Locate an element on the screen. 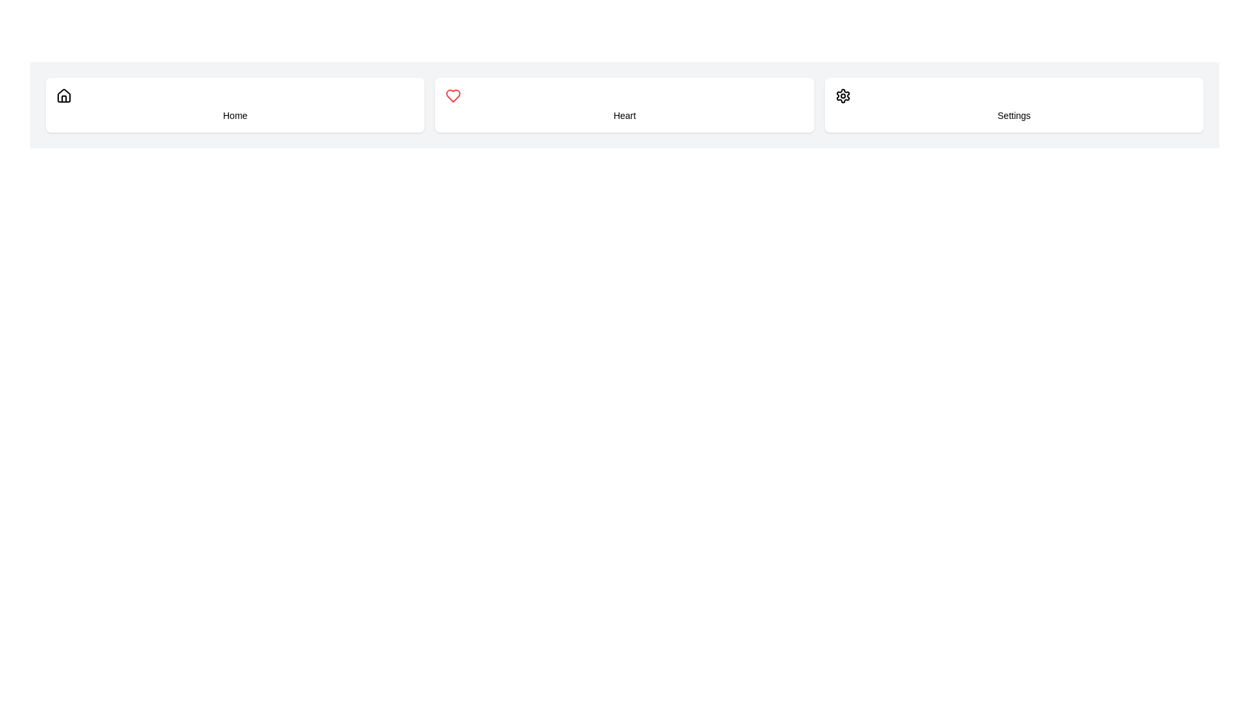 This screenshot has width=1256, height=706. the 'Settings' text label, which describes the associated gear icon in the rightmost of three horizontally arranged containers is located at coordinates (1013, 115).